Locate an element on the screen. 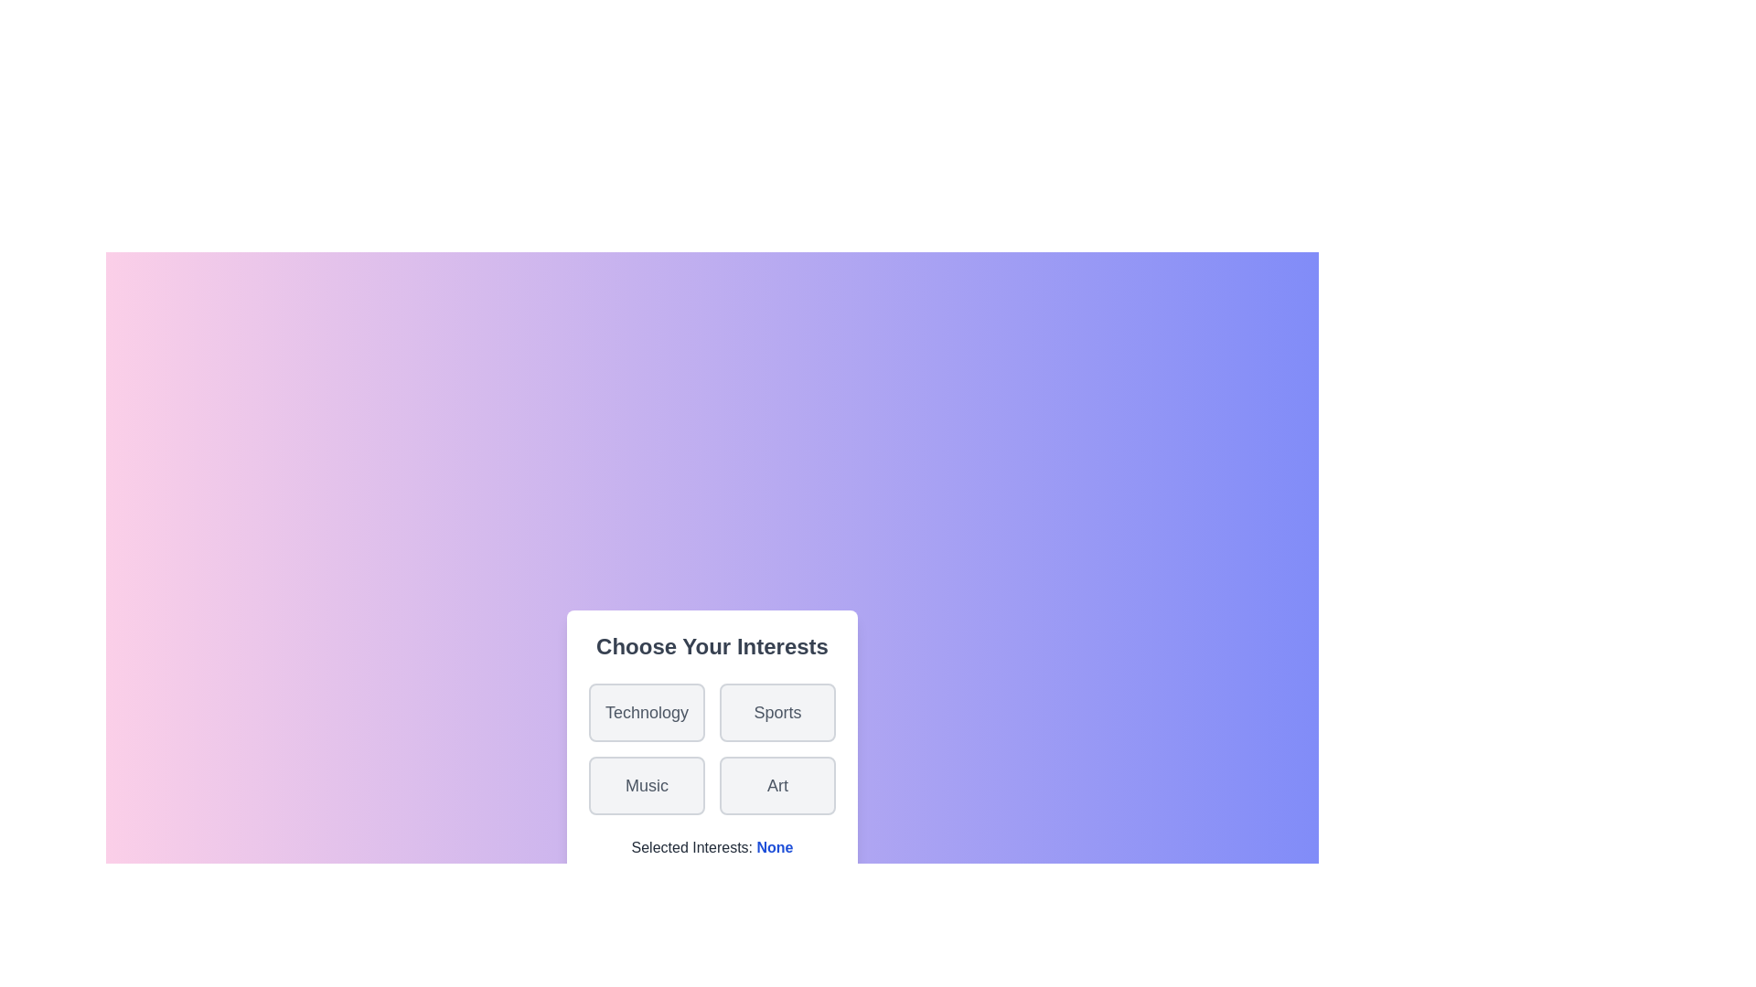  the Music button is located at coordinates (646, 785).